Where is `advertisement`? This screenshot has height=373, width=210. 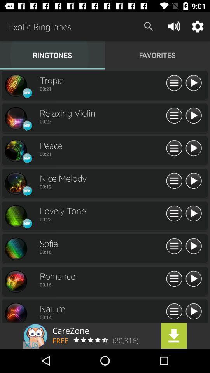 advertisement is located at coordinates (105, 335).